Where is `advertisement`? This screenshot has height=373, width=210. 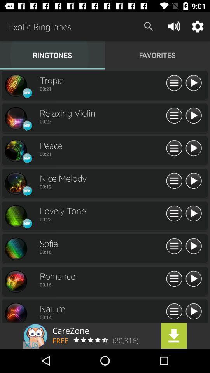 advertisement is located at coordinates (105, 335).